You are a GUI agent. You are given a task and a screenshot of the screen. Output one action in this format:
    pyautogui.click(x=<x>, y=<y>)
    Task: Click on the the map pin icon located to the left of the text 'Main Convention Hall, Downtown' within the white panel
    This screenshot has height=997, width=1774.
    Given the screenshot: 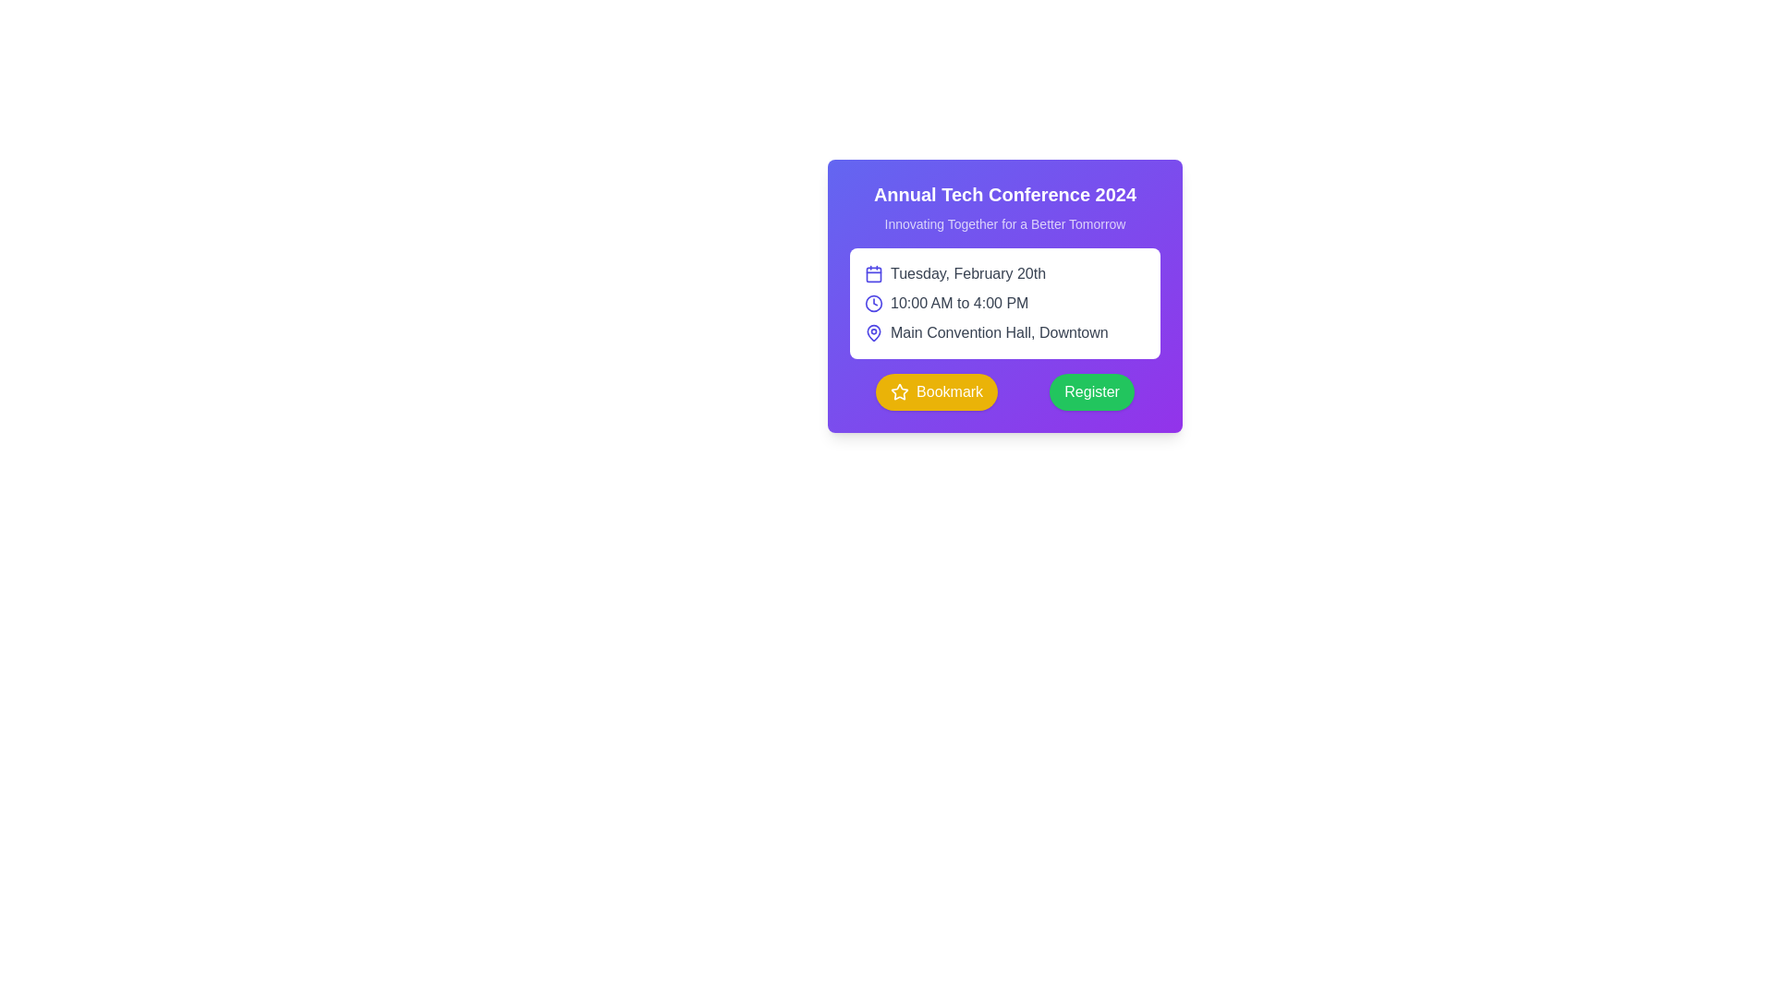 What is the action you would take?
    pyautogui.click(x=872, y=330)
    